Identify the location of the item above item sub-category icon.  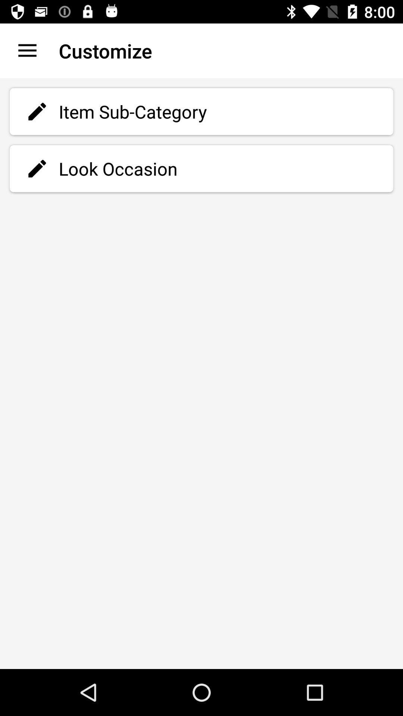
(27, 50).